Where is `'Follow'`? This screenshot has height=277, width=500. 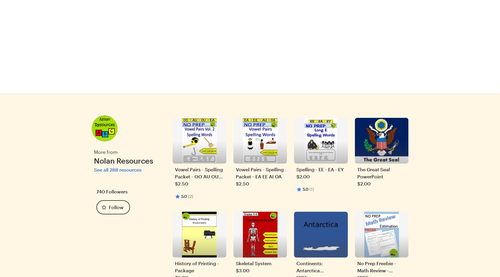
'Follow' is located at coordinates (116, 207).